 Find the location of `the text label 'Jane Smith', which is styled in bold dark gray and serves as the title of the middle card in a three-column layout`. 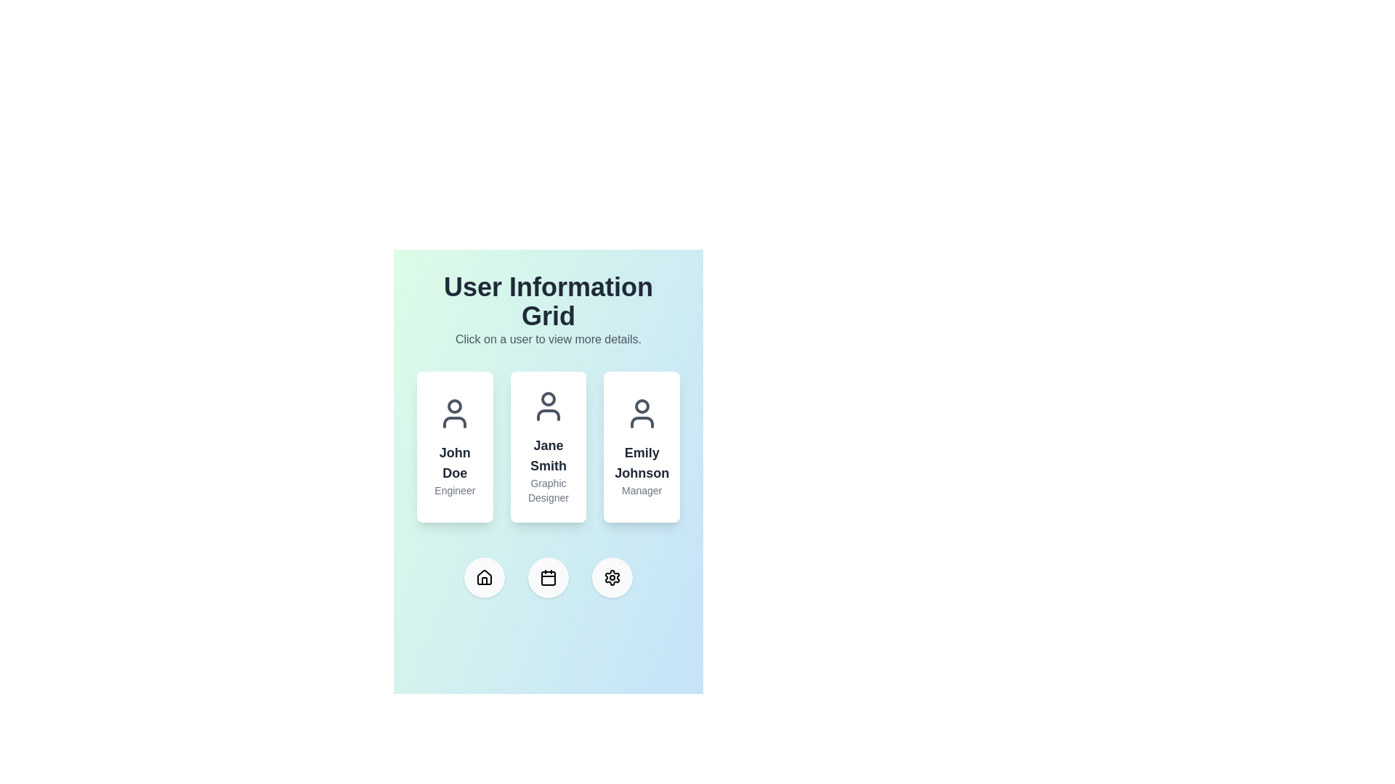

the text label 'Jane Smith', which is styled in bold dark gray and serves as the title of the middle card in a three-column layout is located at coordinates (547, 455).